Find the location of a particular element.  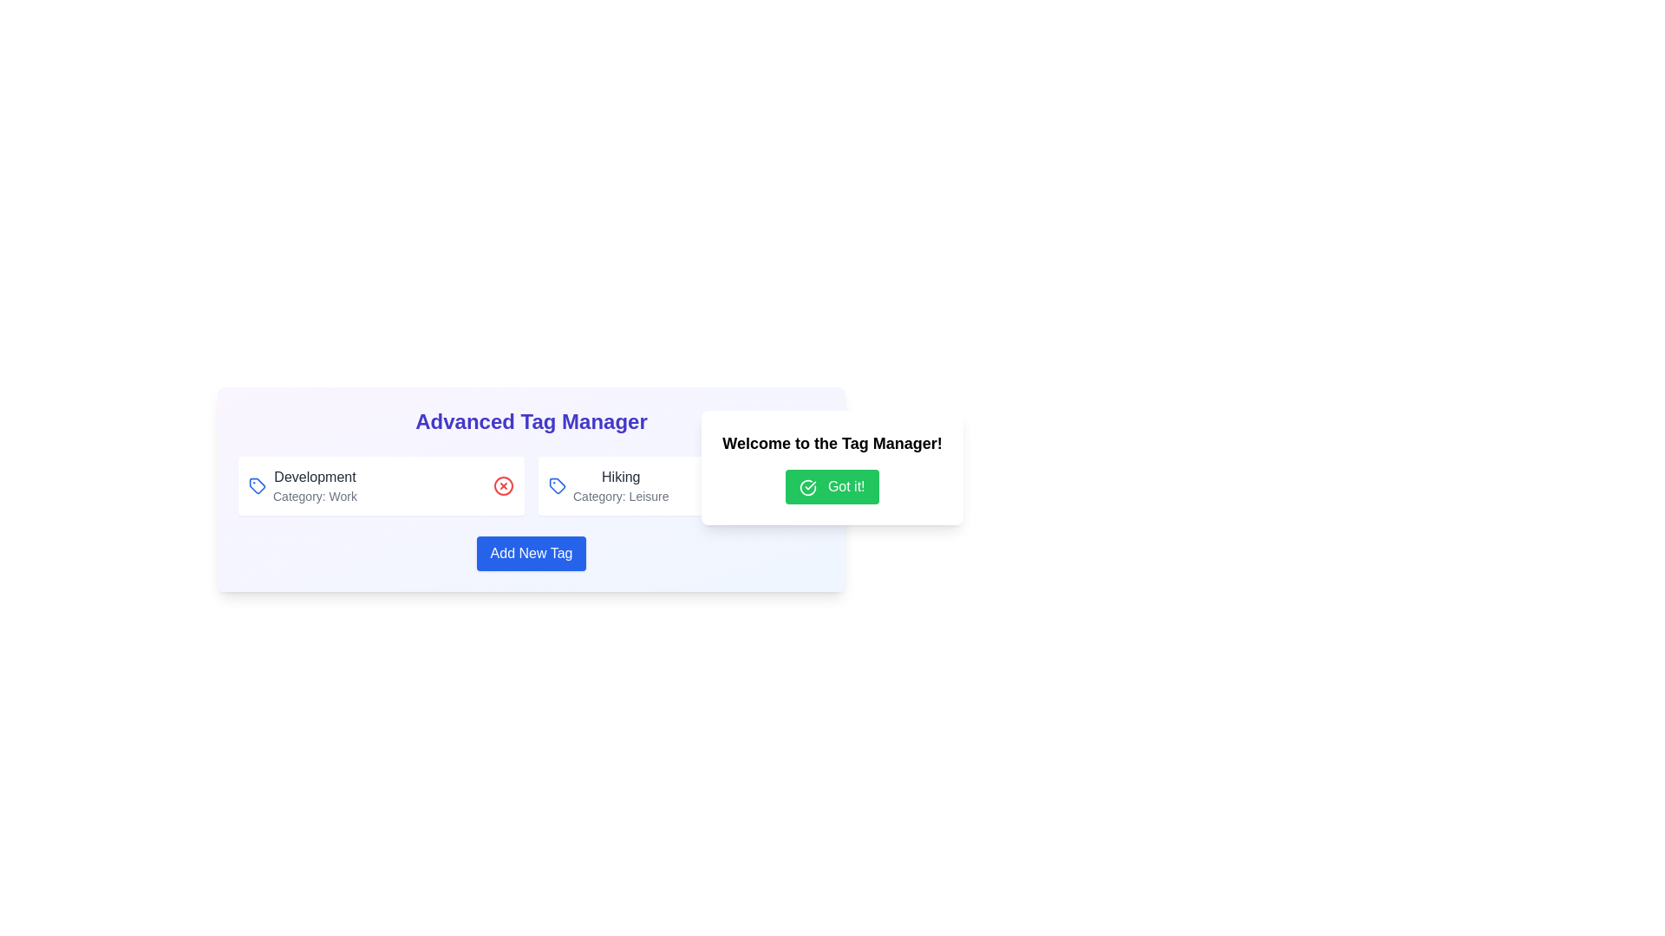

the 'Got it!' button on the informational dialog box that welcomes users and provides a call to action is located at coordinates (832, 468).